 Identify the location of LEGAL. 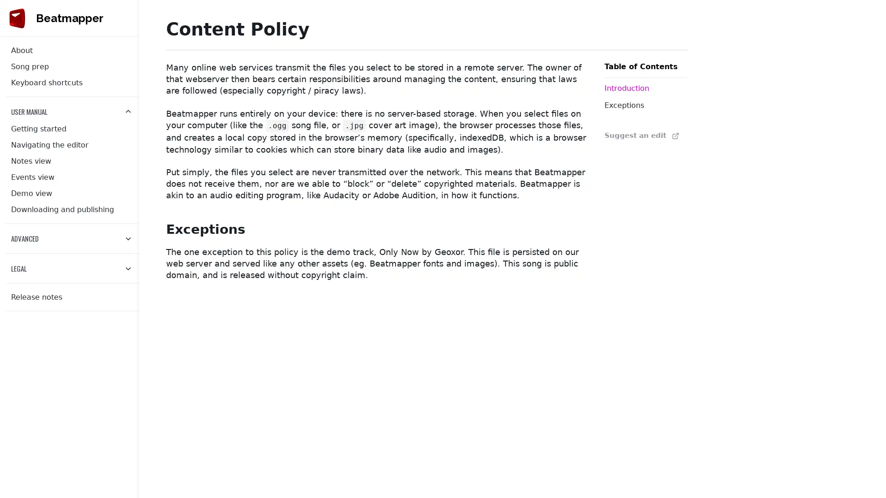
(71, 268).